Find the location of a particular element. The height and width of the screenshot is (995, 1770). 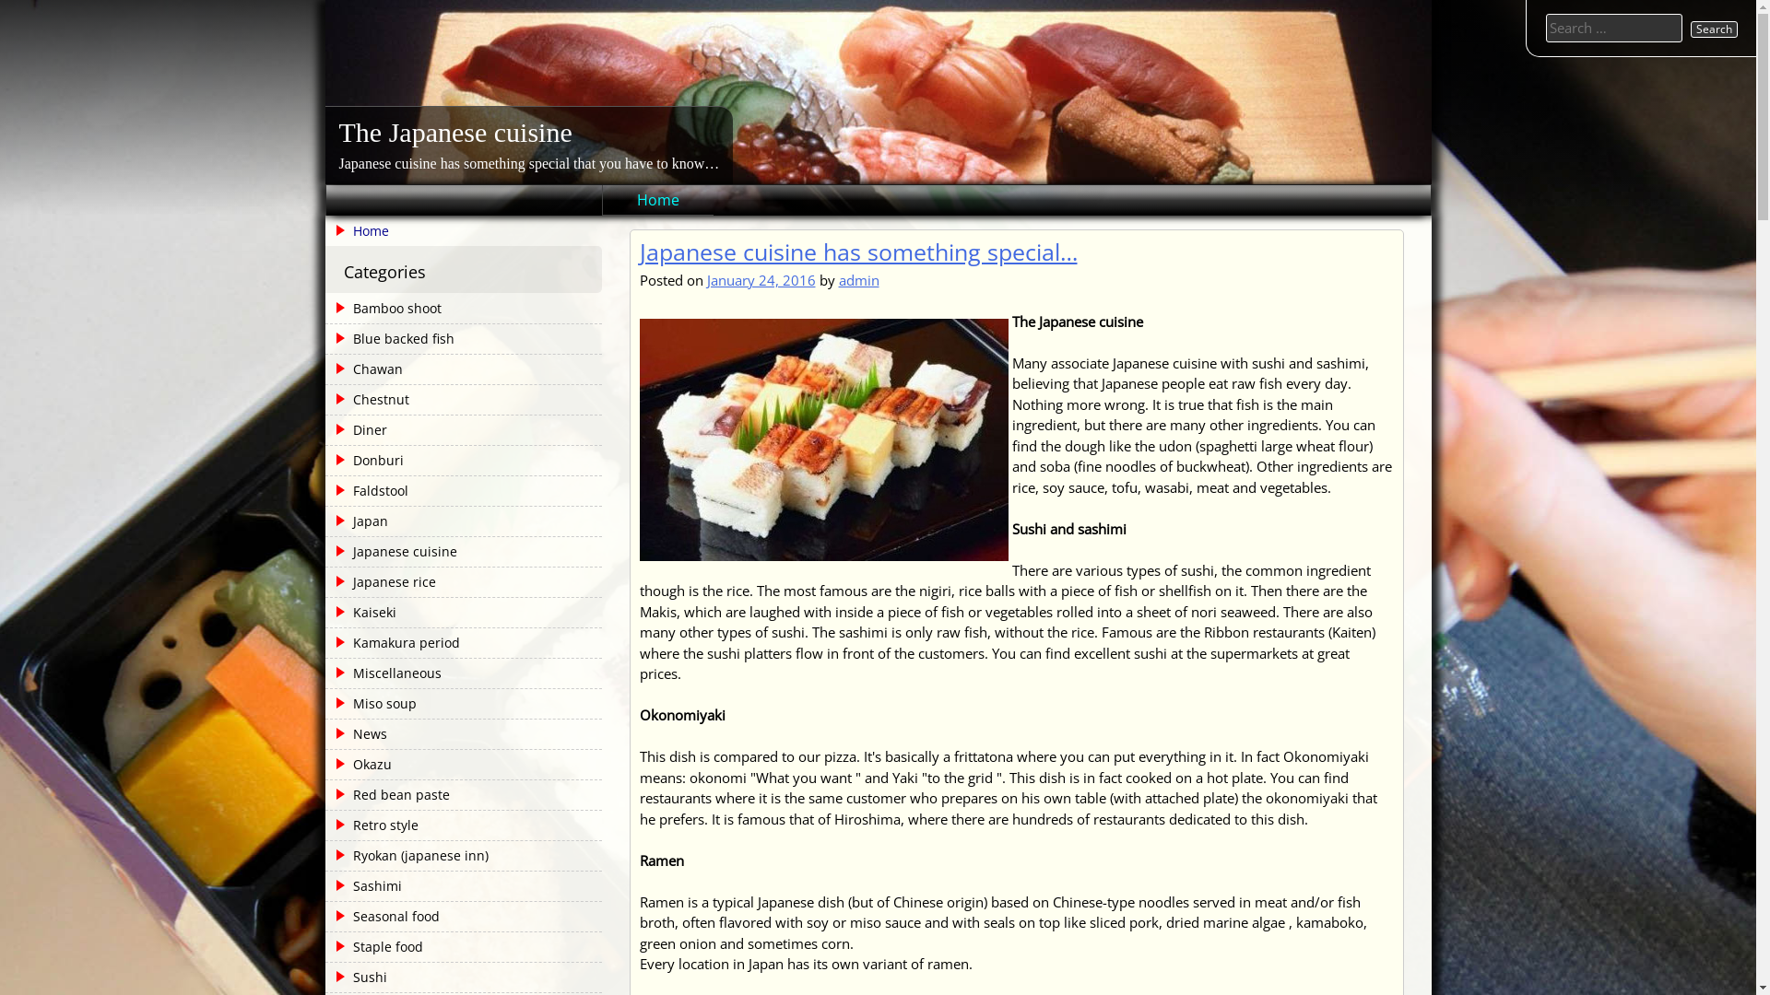

'Japanese rice' is located at coordinates (381, 582).